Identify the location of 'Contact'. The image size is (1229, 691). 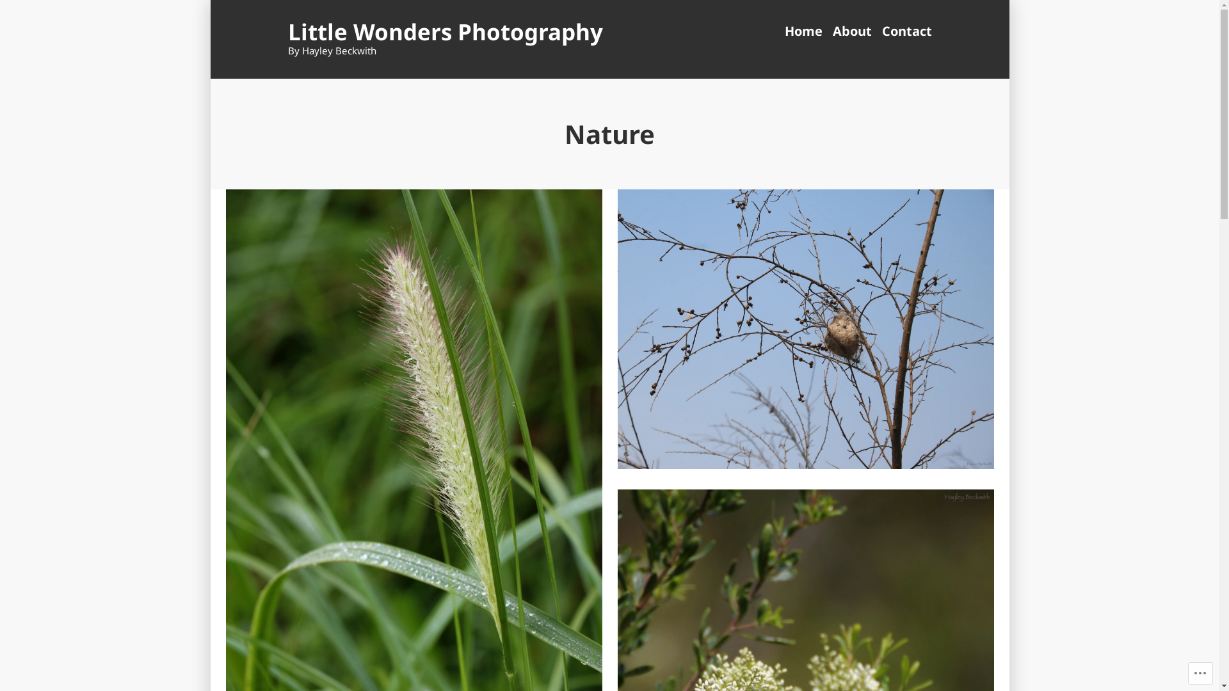
(903, 31).